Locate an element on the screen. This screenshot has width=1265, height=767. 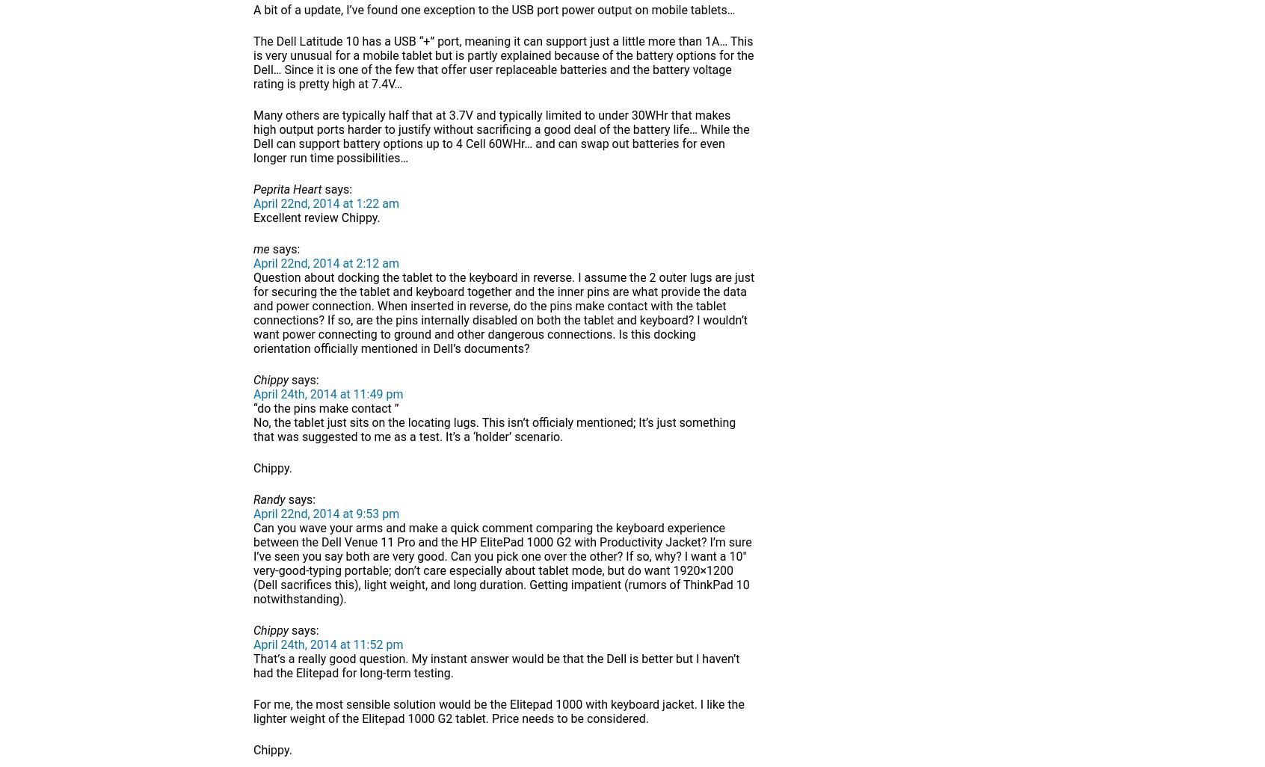
'For me, the most sensible solution would be the Elitepad 1000 with keyboard jacket. I like the lighter weight of the Elitepad 1000 G2 tablet. Price needs to be considered.' is located at coordinates (253, 712).